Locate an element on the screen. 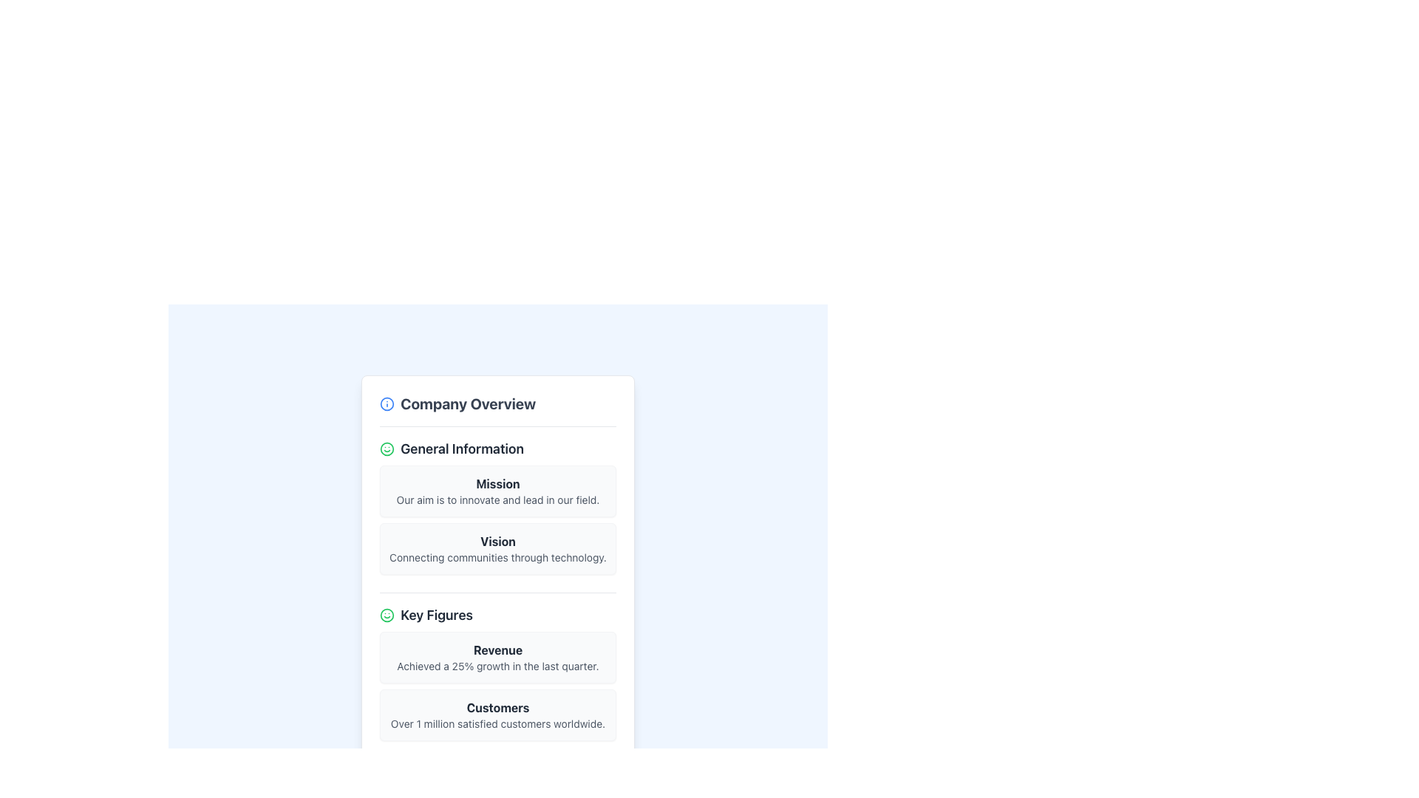  the text label displaying 'Mission' in bold and dark gray font, which is centrally positioned within a white card with rounded corners is located at coordinates (497, 484).